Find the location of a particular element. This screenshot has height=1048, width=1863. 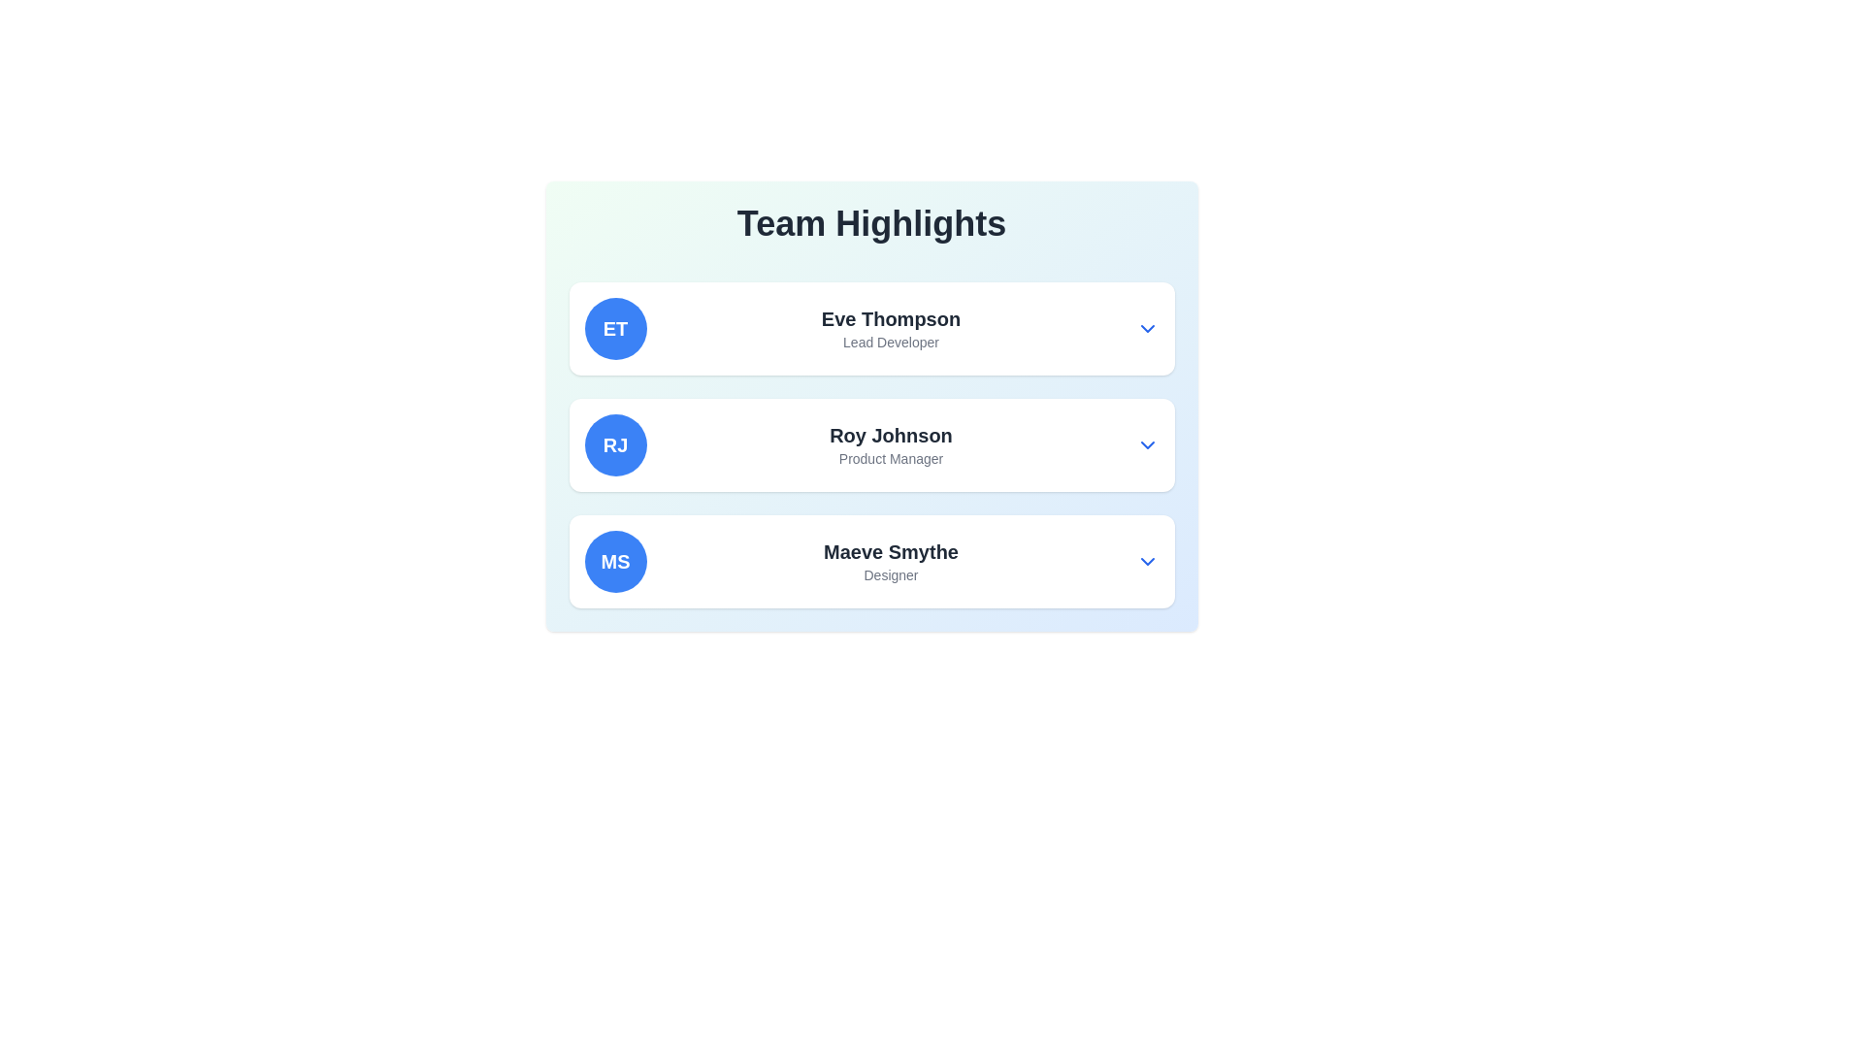

the informational card highlighting team member 'Roy Johnson', who is the 'Product Manager', located in the 'Team Highlights' section, positioned between 'Eve Thompson' and 'Maeve Smythe' is located at coordinates (870, 406).